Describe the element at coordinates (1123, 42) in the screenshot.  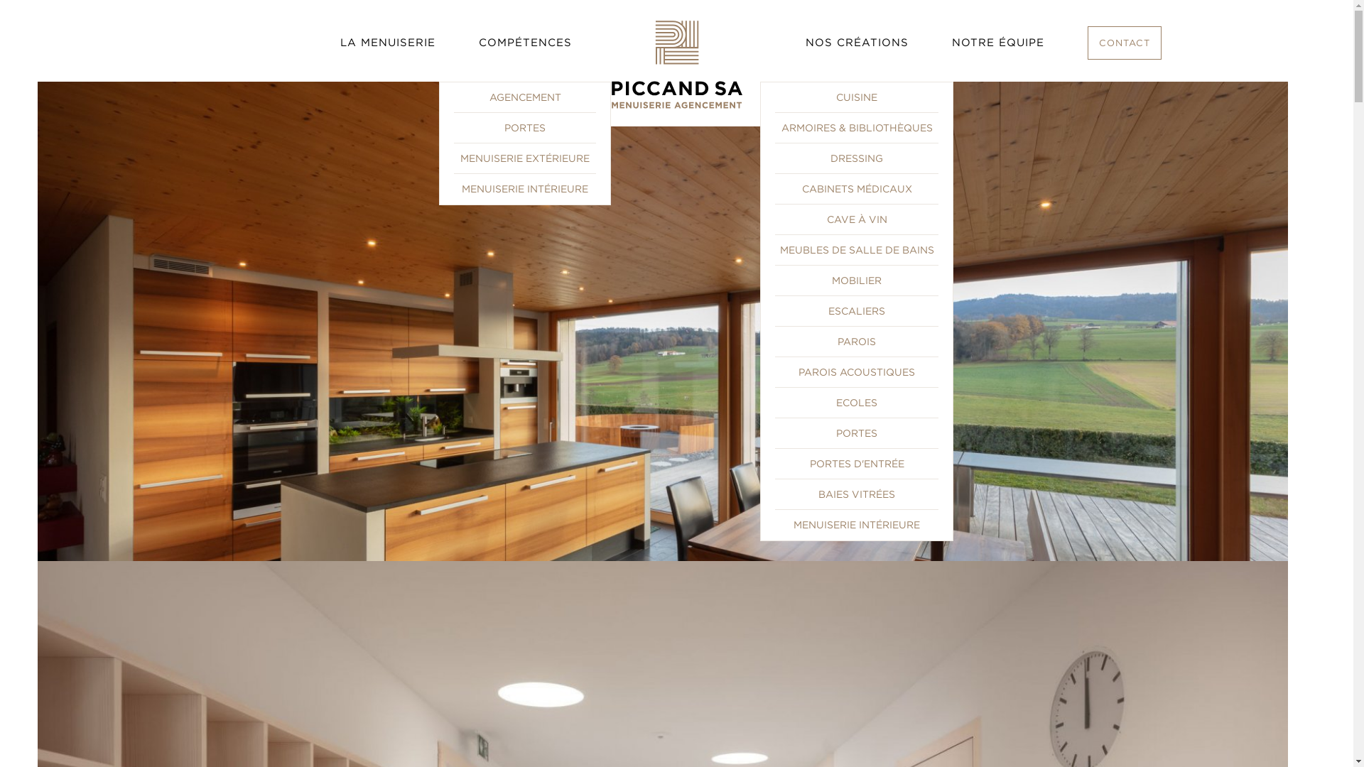
I see `'CONTACT'` at that location.